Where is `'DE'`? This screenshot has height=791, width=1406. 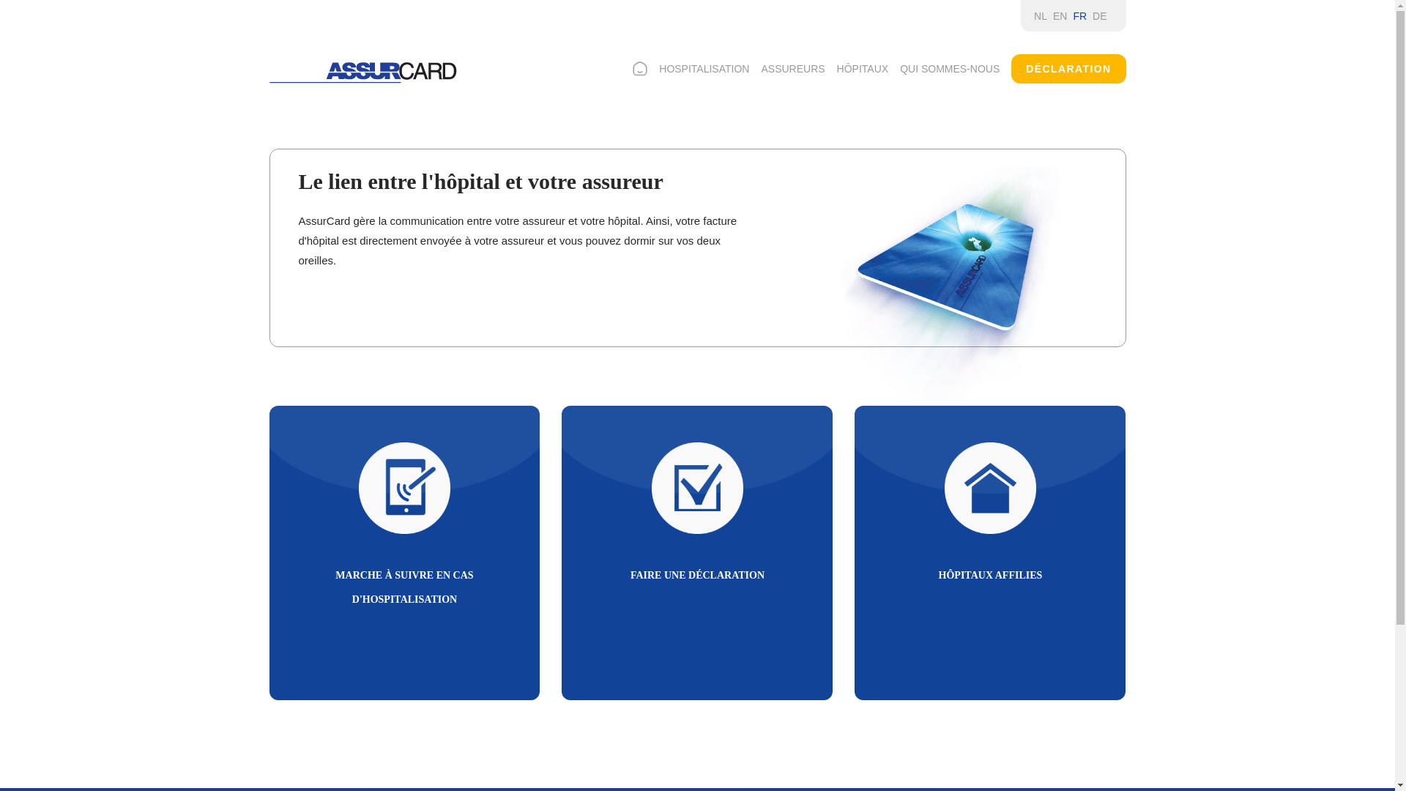 'DE' is located at coordinates (1099, 16).